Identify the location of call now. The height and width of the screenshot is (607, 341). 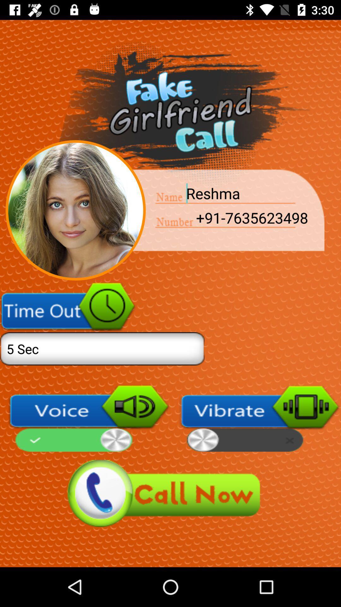
(170, 493).